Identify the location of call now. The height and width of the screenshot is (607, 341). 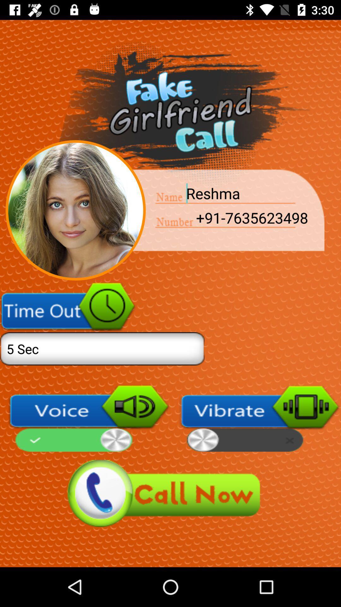
(170, 493).